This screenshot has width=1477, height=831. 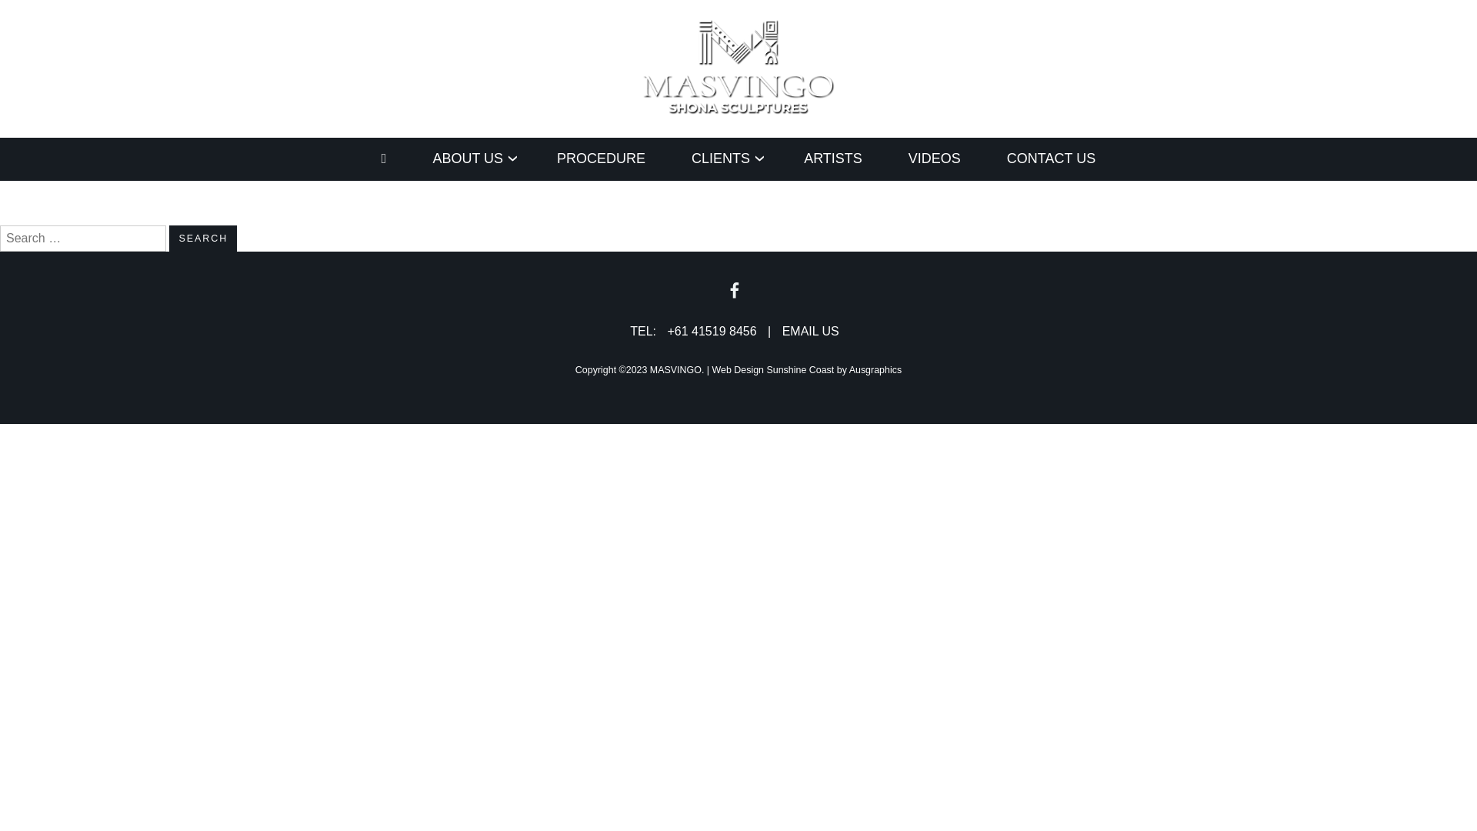 What do you see at coordinates (448, 198) in the screenshot?
I see `'CHARITY'` at bounding box center [448, 198].